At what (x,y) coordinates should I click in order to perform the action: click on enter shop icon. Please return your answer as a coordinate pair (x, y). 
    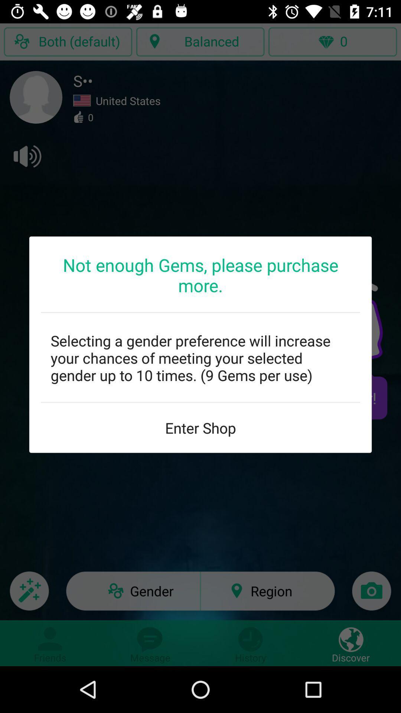
    Looking at the image, I should click on (200, 428).